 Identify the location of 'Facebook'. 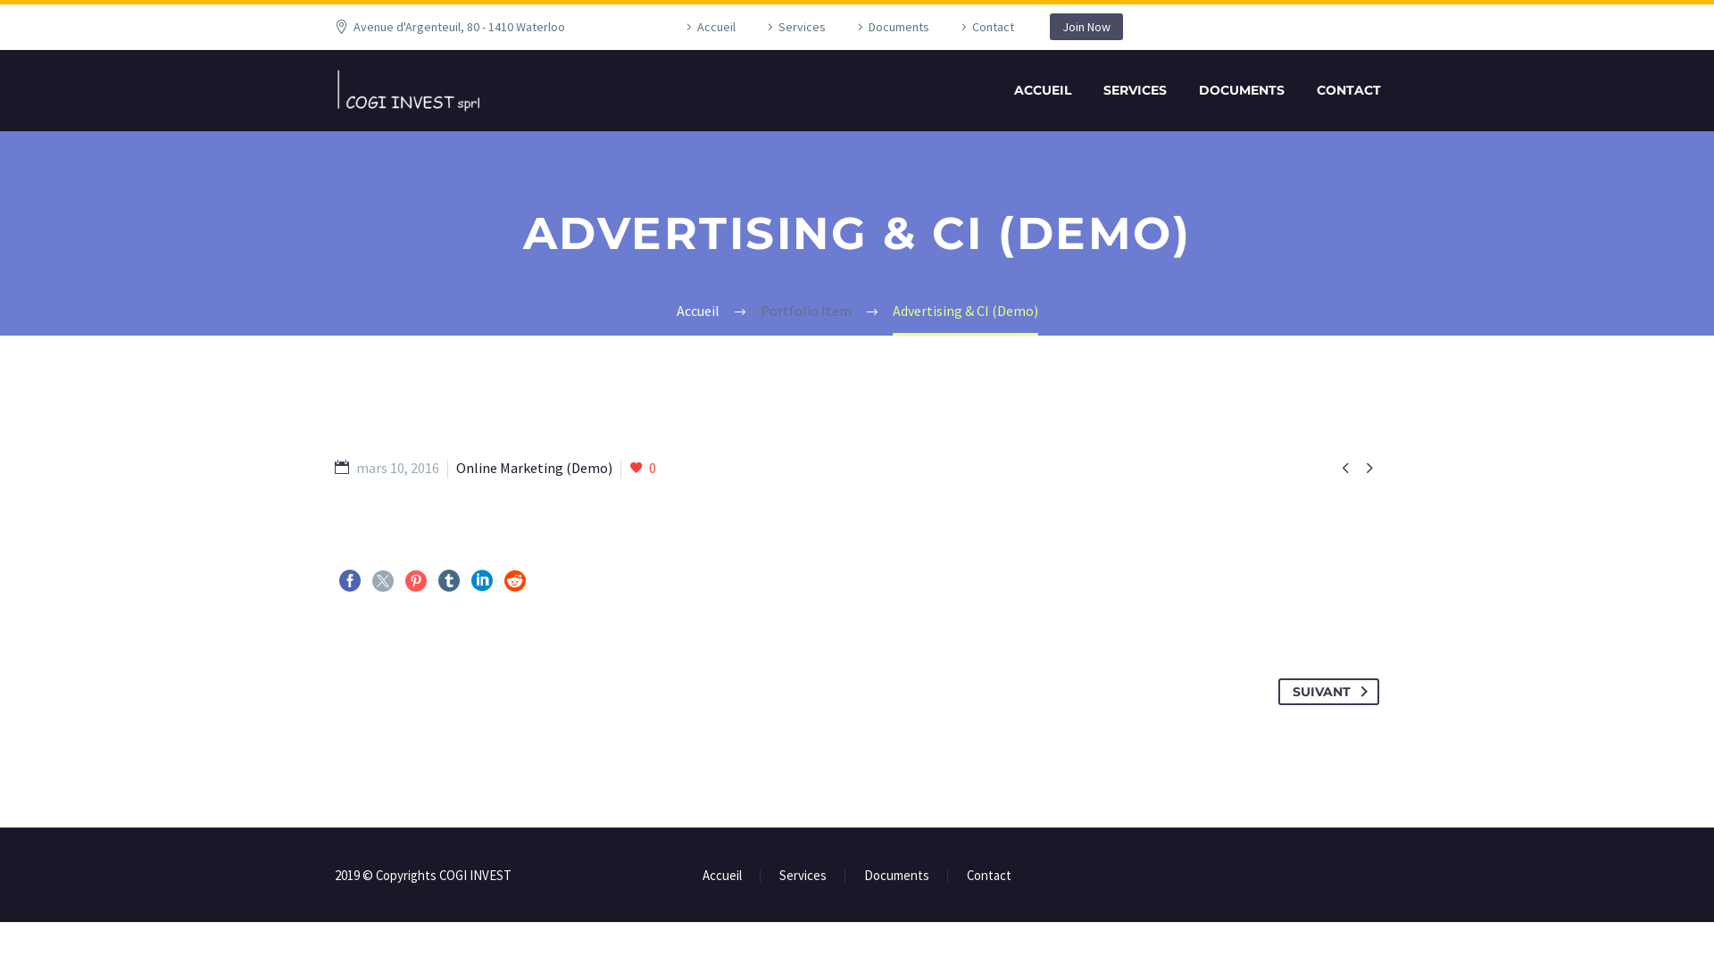
(350, 581).